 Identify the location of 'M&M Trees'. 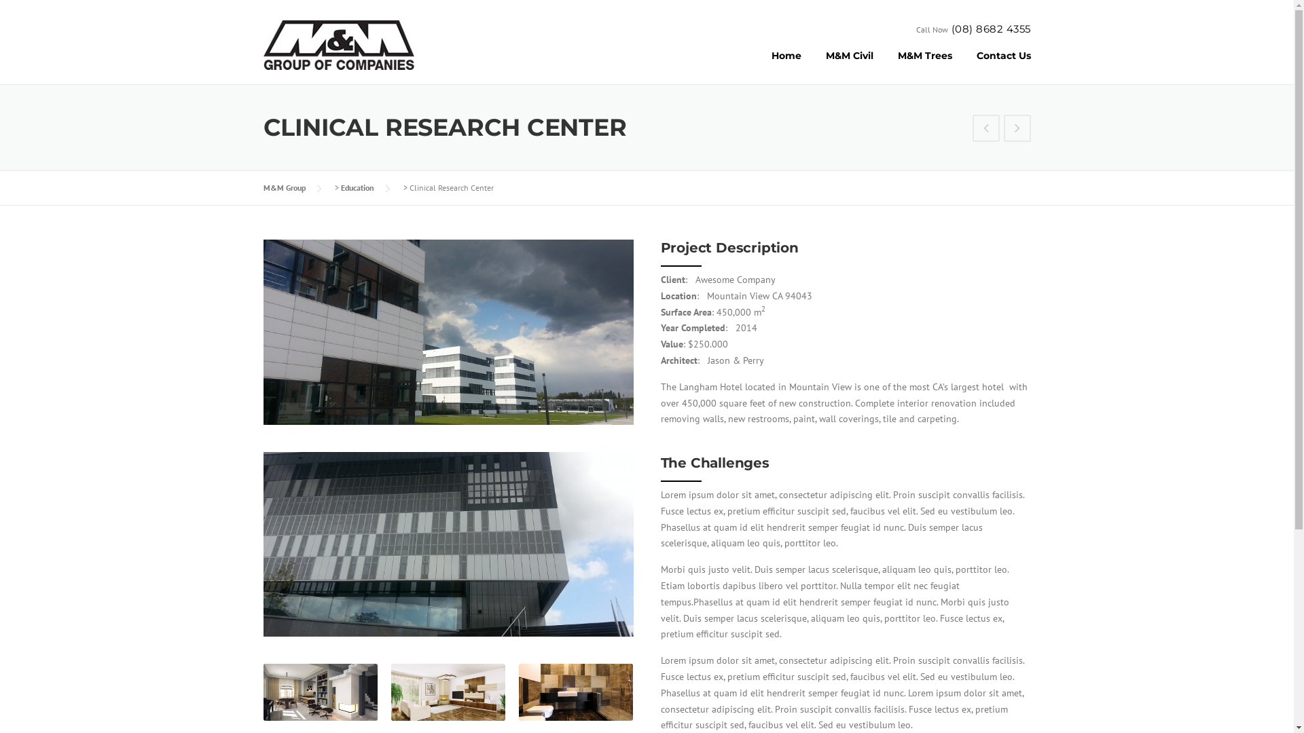
(886, 65).